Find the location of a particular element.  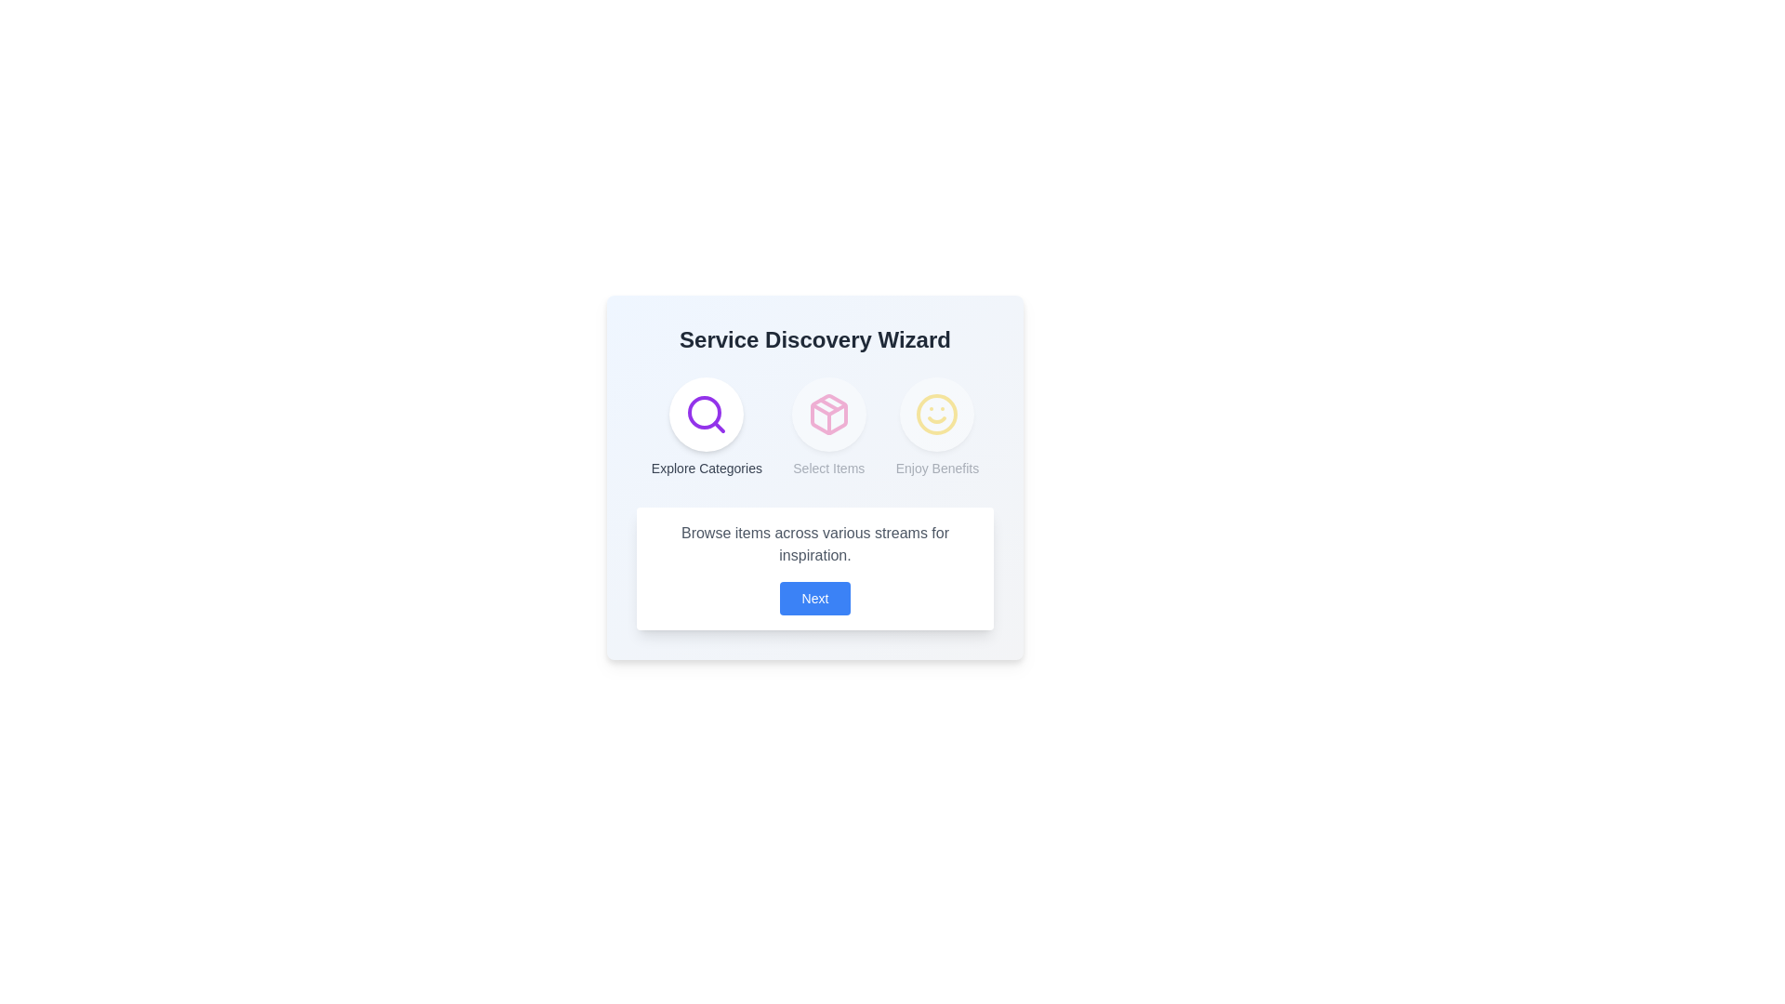

the description text displayed for the current step is located at coordinates (815, 544).